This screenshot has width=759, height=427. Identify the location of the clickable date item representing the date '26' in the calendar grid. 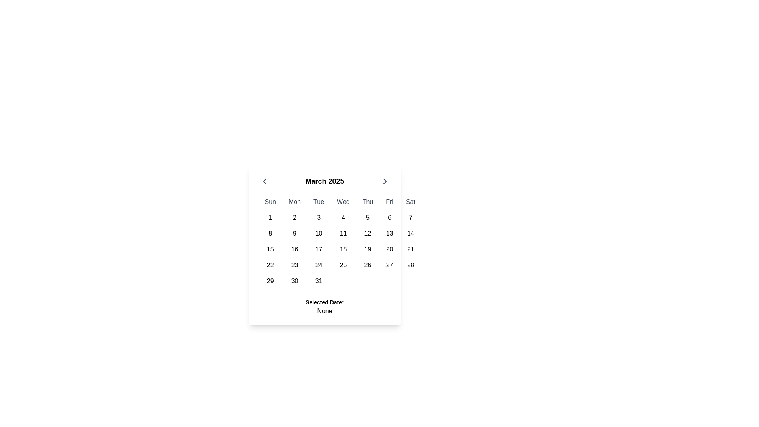
(367, 265).